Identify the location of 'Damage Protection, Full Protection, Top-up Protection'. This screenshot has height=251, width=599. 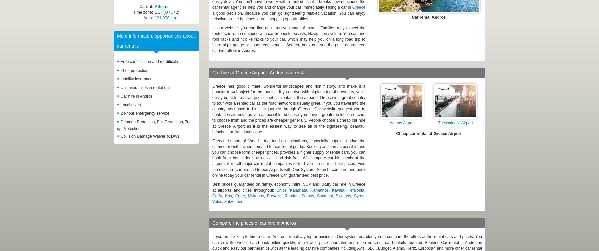
(155, 125).